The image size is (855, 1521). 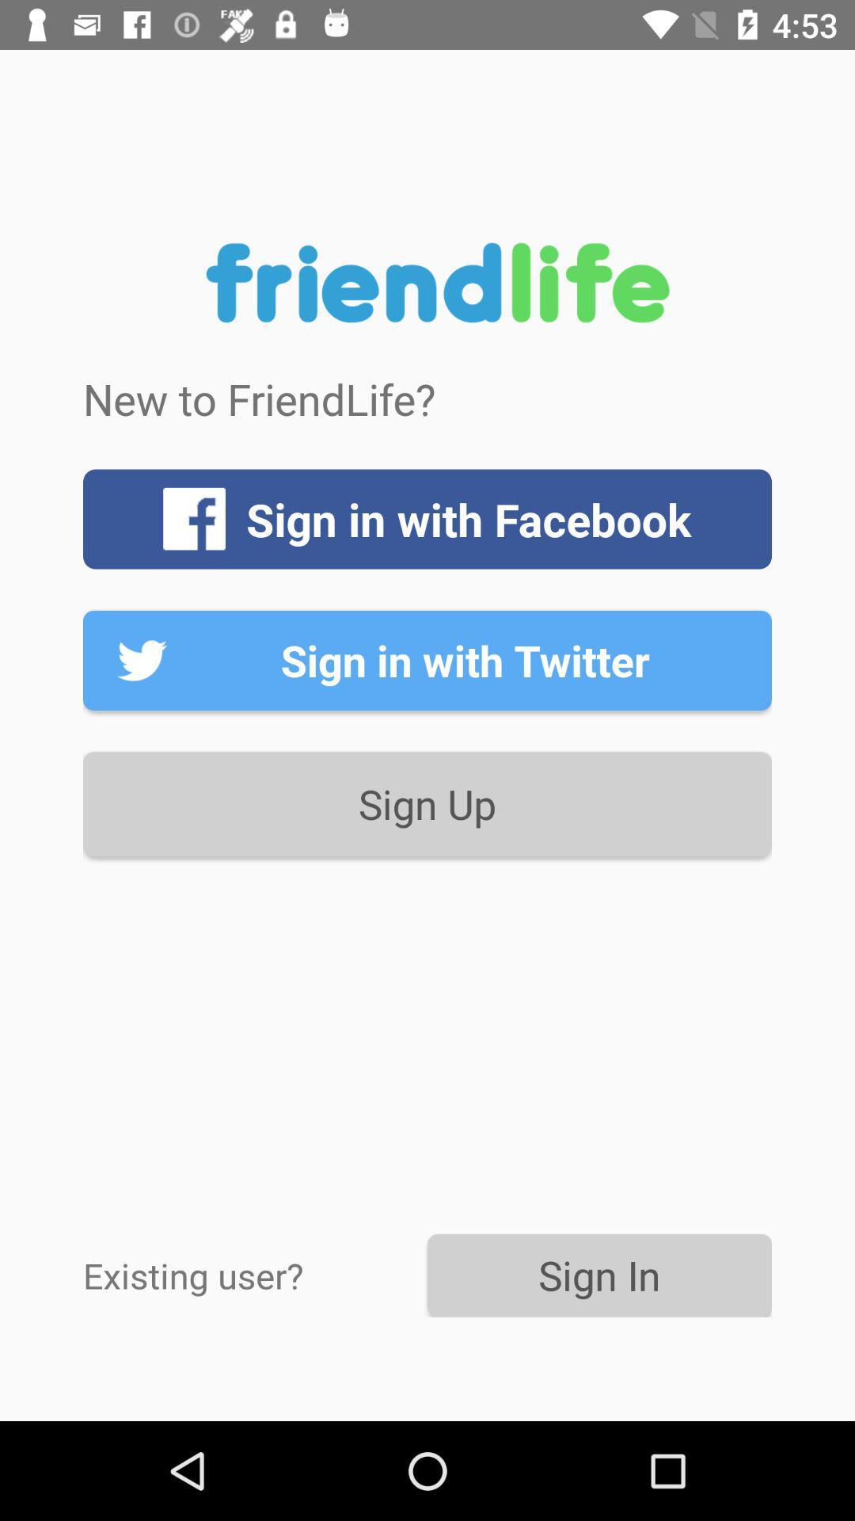 What do you see at coordinates (254, 1275) in the screenshot?
I see `the icon below the sign up icon` at bounding box center [254, 1275].